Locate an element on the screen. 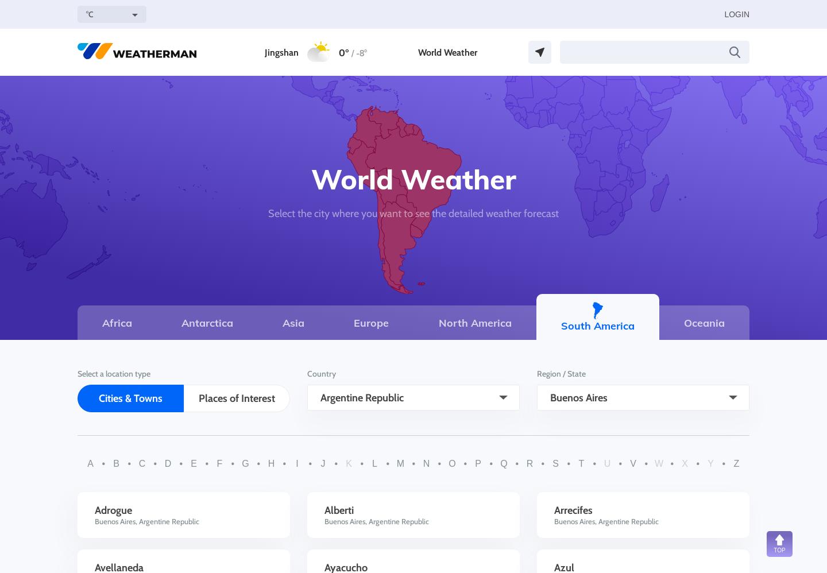 This screenshot has height=573, width=827. 'South America' is located at coordinates (597, 324).